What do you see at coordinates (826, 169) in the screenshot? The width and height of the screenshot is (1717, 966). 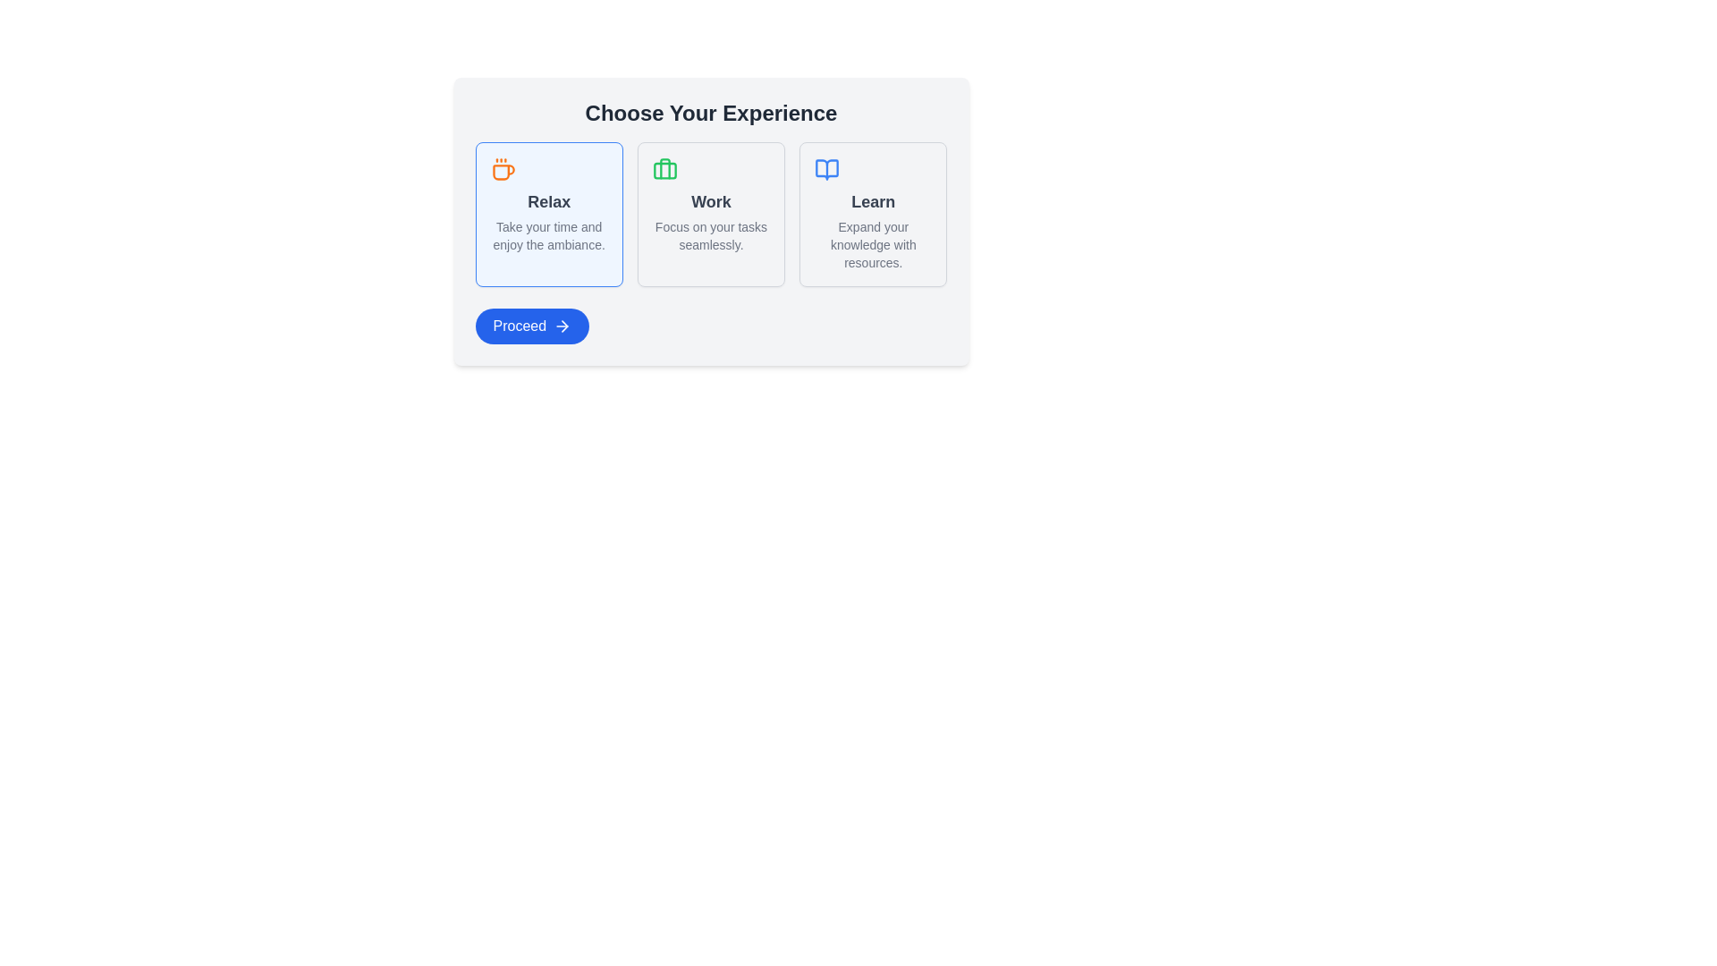 I see `the small blue icon resembling an open book located at the top section of the 'Learn' card` at bounding box center [826, 169].